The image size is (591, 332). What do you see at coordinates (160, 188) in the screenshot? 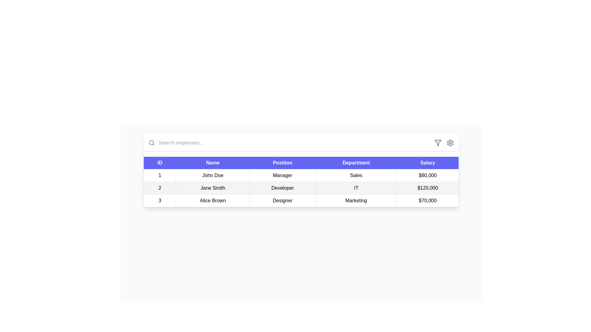
I see `the table cell displaying the number '2', which is the first cell in the second row of the table, aligned with the header labeled 'ID'` at bounding box center [160, 188].